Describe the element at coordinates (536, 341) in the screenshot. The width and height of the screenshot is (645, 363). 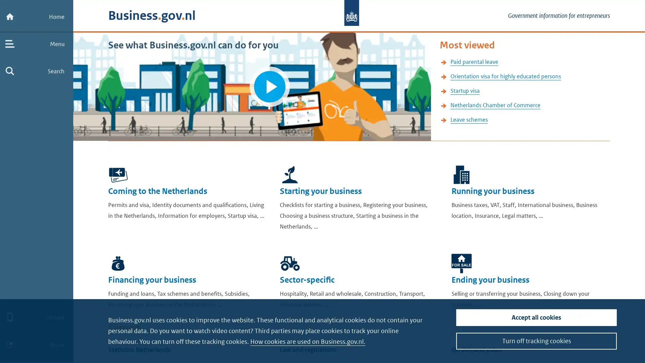
I see `Turn off tracking cookies` at that location.